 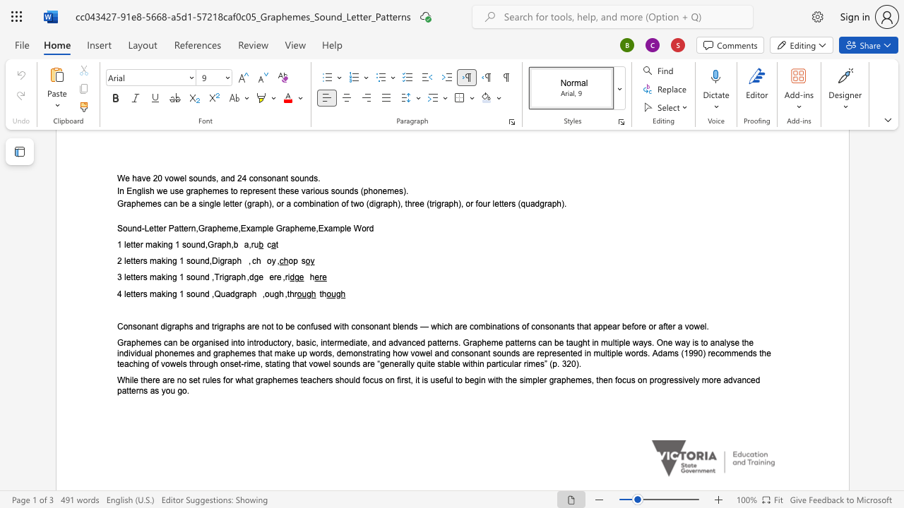 I want to click on the 4th character "s" in the text, so click(x=319, y=326).